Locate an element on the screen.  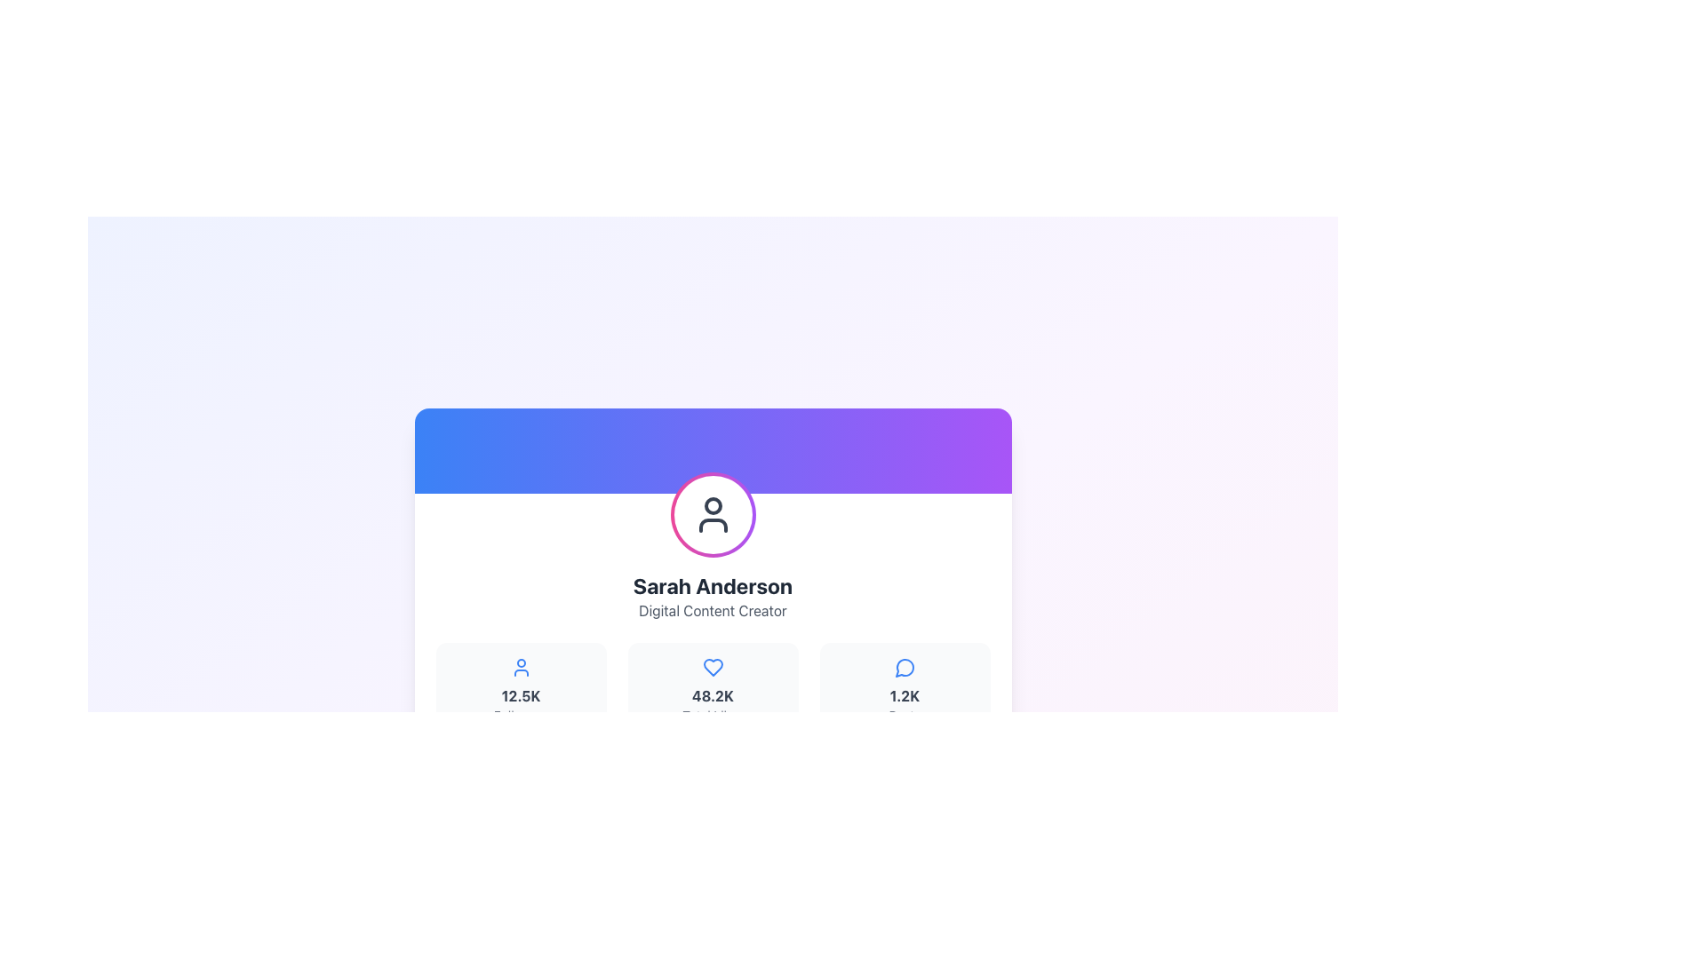
the Text label displaying the count value for user engagement, located centrally above the 'Total Likes' text and next to a heart-shaped icon is located at coordinates (713, 694).